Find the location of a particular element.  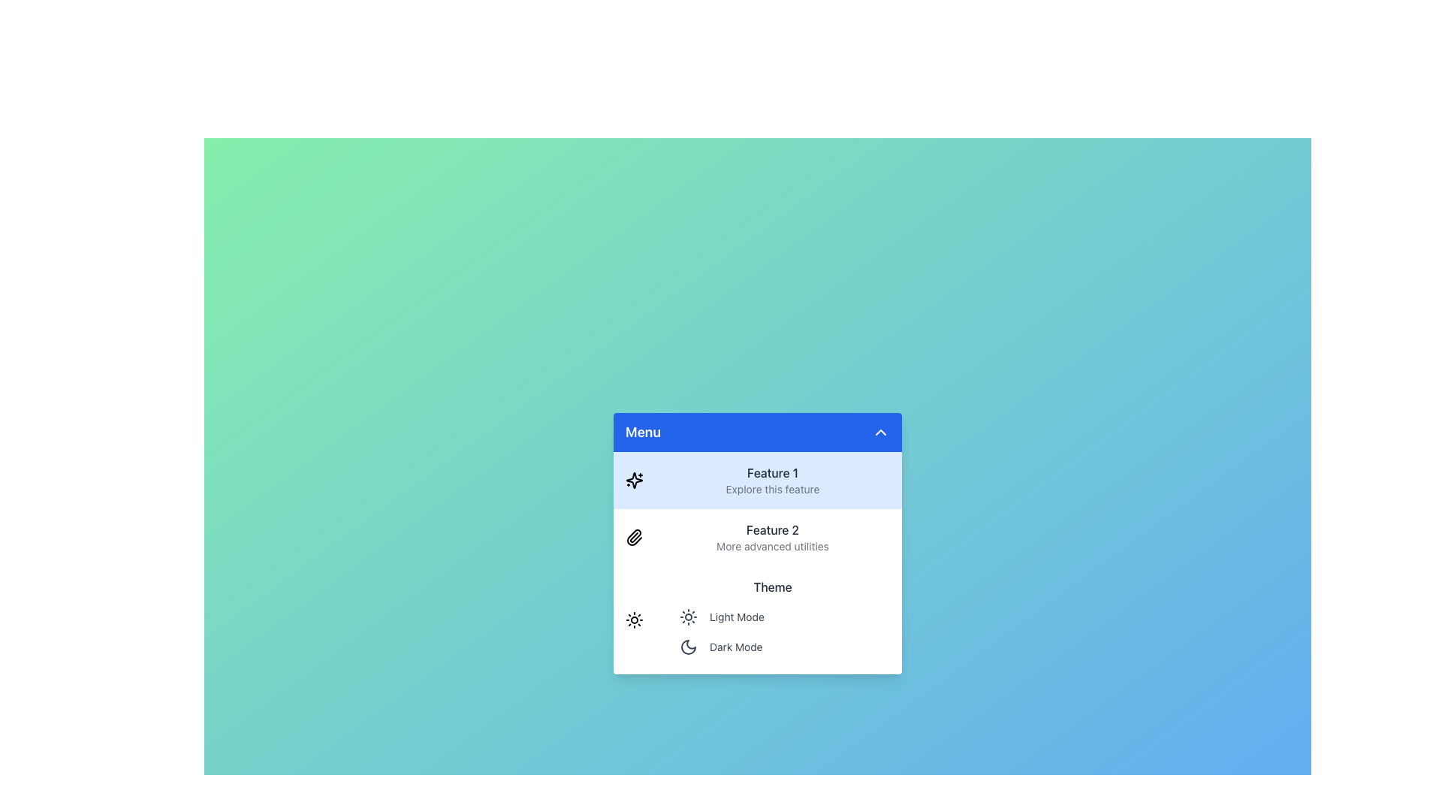

the star-shaped icon located to the left of the text 'Feature 1' in the menu is located at coordinates (634, 481).